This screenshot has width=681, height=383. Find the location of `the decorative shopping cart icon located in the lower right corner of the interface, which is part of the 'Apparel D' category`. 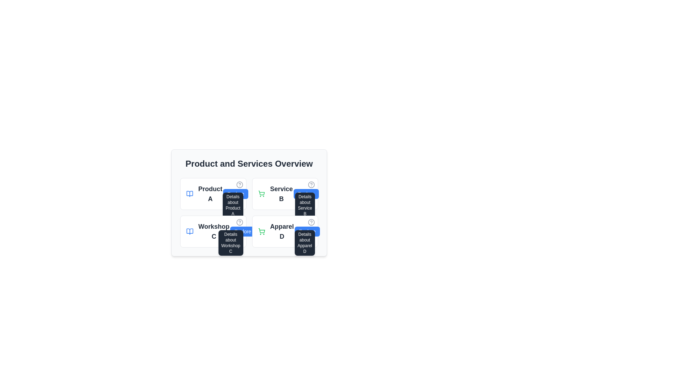

the decorative shopping cart icon located in the lower right corner of the interface, which is part of the 'Apparel D' category is located at coordinates (261, 193).